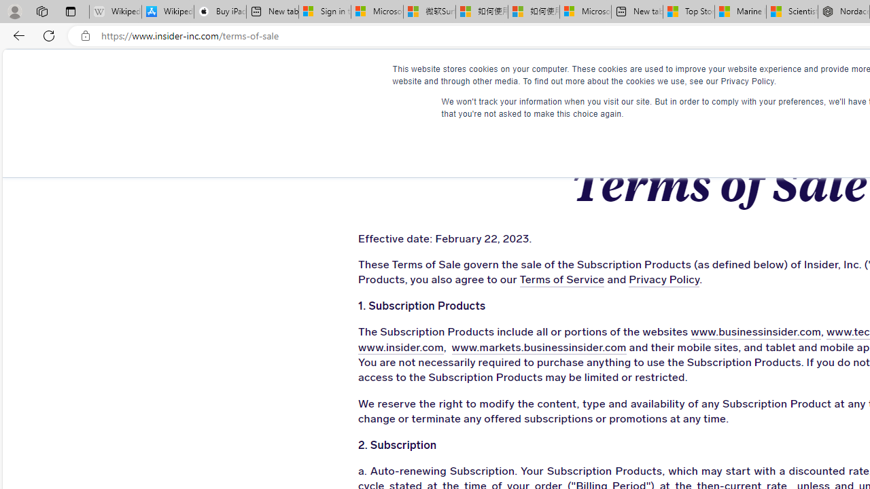 This screenshot has width=870, height=489. Describe the element at coordinates (739, 12) in the screenshot. I see `'Marine life - MSN'` at that location.